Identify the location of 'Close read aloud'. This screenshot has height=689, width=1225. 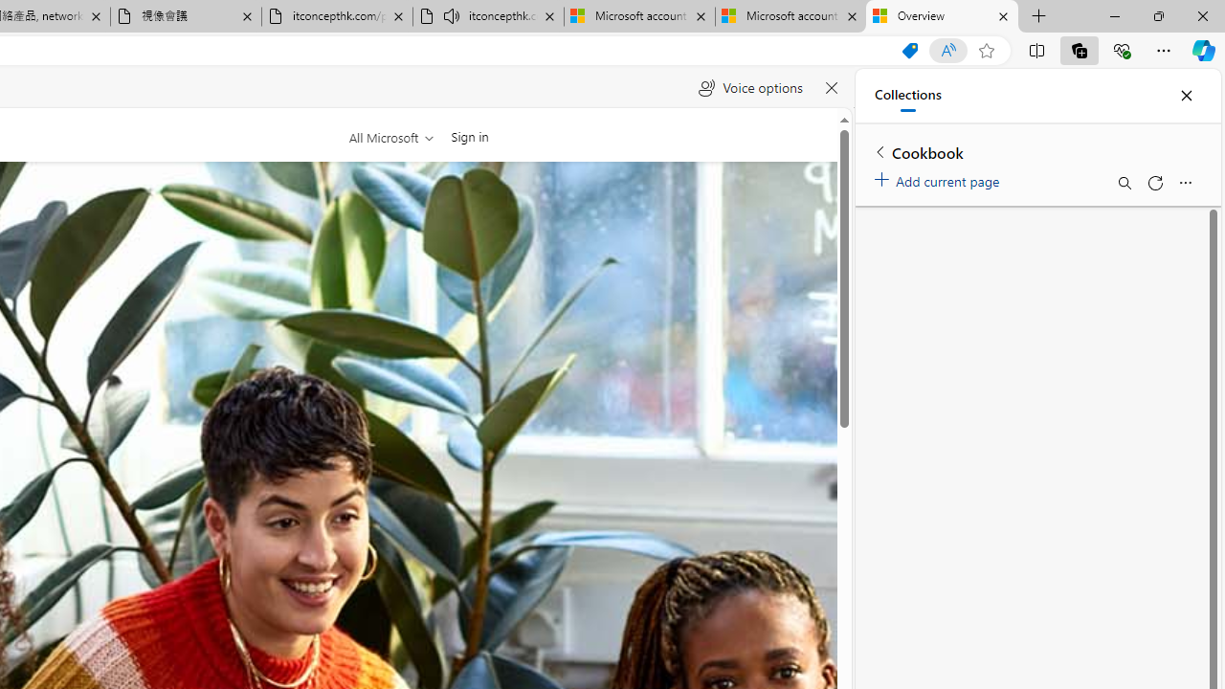
(831, 88).